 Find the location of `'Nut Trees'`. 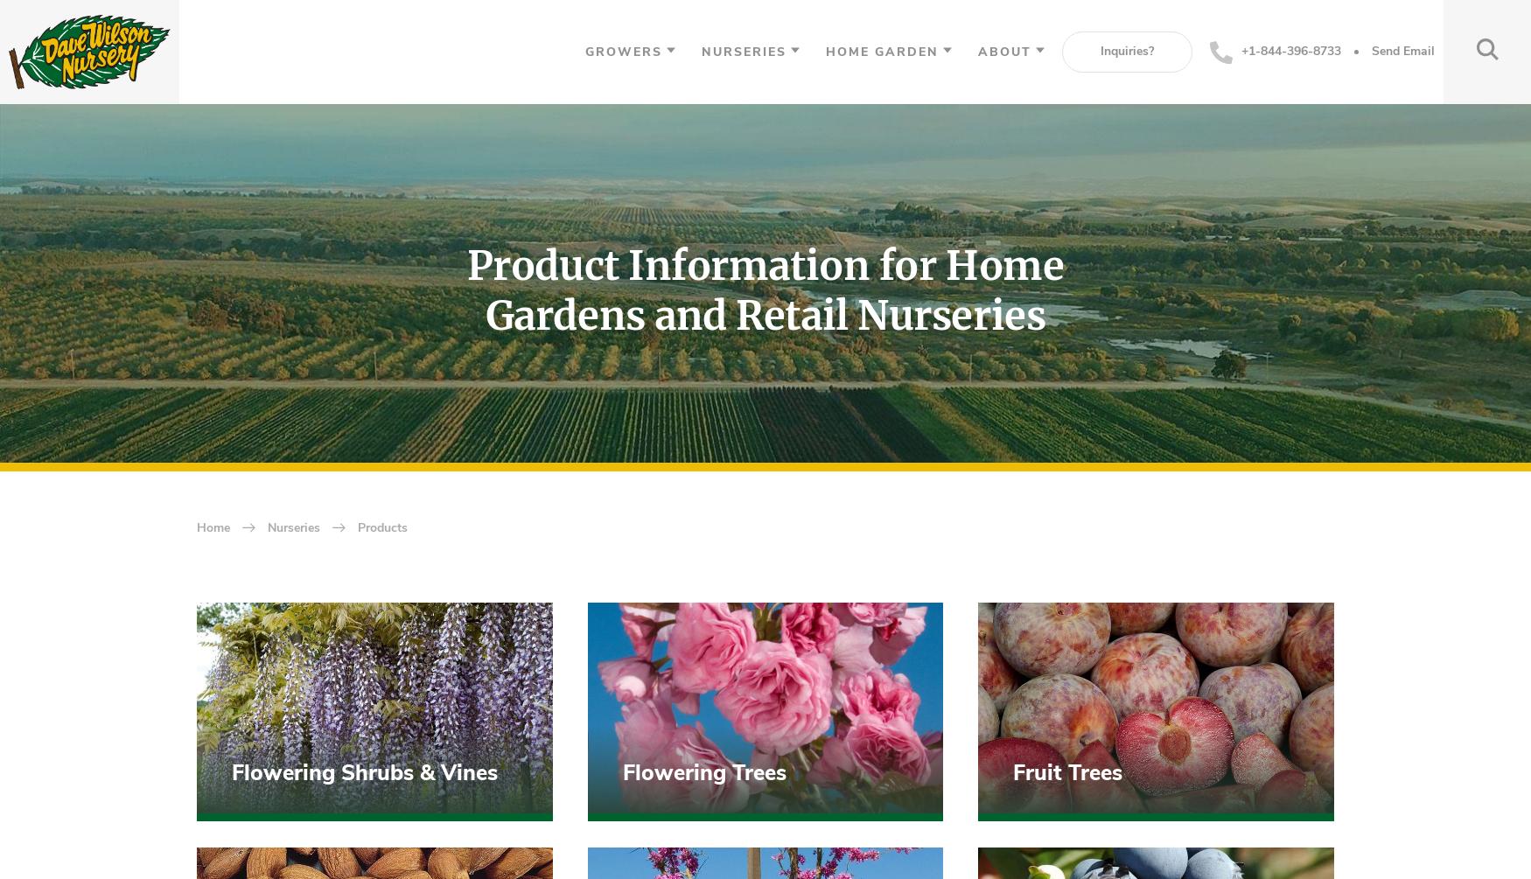

'Nut Trees' is located at coordinates (281, 154).